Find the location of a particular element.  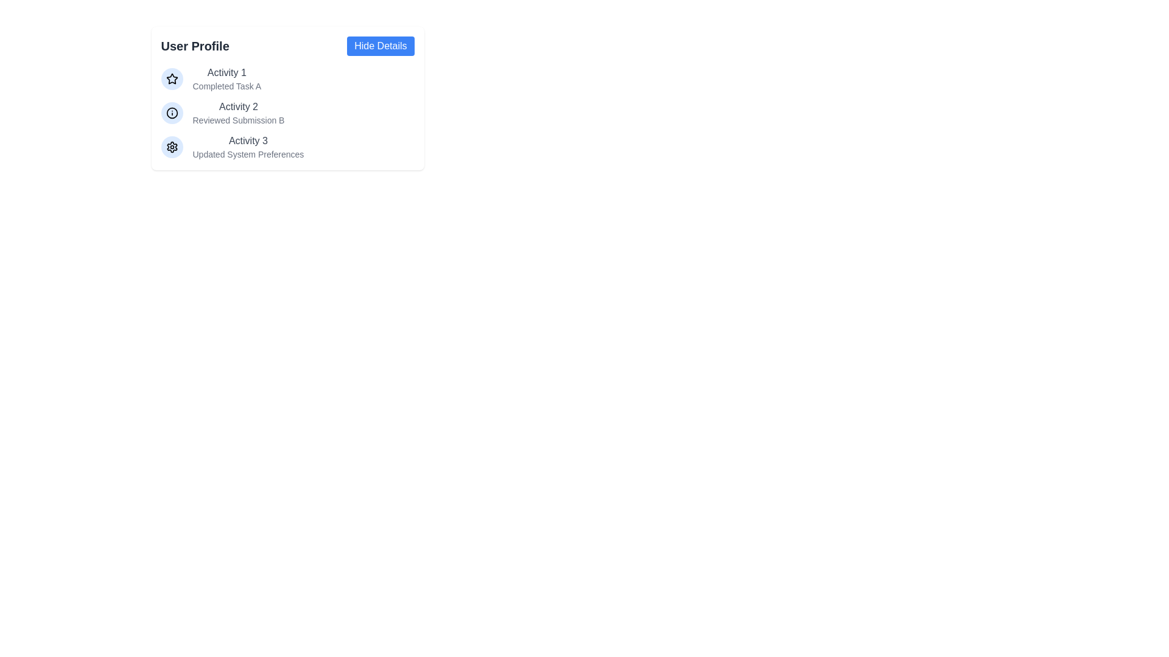

the star-shaped icon with a hollow center and bold outline, which is the first icon in the User Profile activities section, located to the left of 'Activity 1' is located at coordinates (171, 78).